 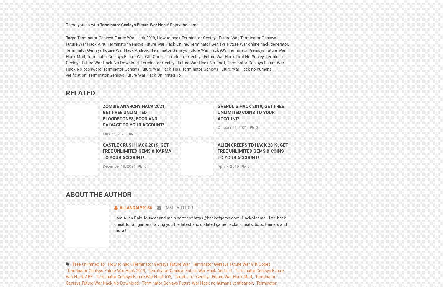 I want to click on 'Terminator Genisys Future War Hack iOS', so click(x=133, y=276).